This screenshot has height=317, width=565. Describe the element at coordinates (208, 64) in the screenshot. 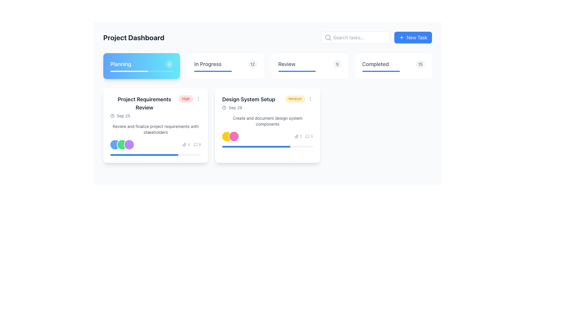

I see `the 'In Progress' Text Label located between the 'Planning' and 'Review' sections, indicating the current status of tasks` at that location.